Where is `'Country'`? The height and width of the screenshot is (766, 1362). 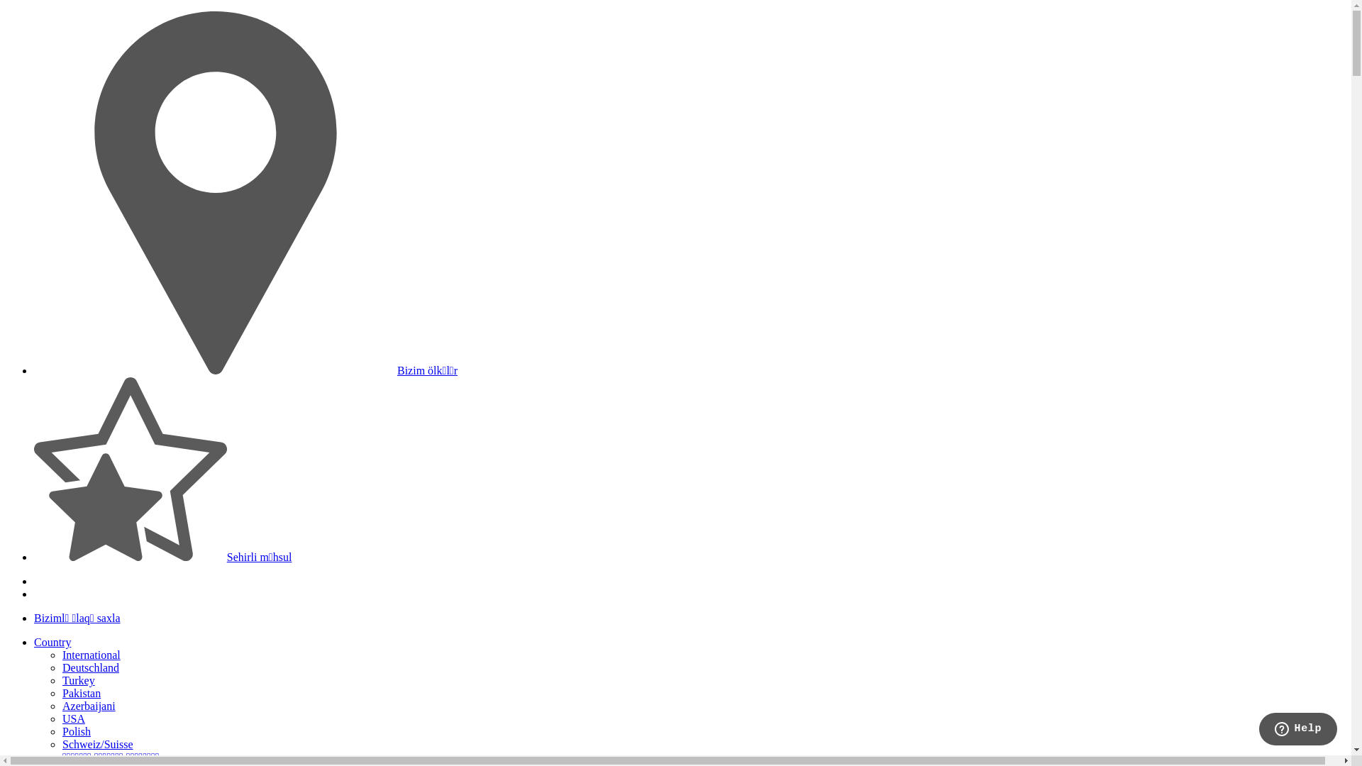
'Country' is located at coordinates (52, 642).